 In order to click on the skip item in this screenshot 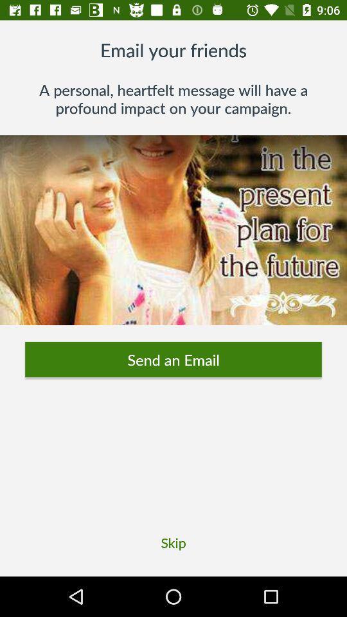, I will do `click(173, 542)`.